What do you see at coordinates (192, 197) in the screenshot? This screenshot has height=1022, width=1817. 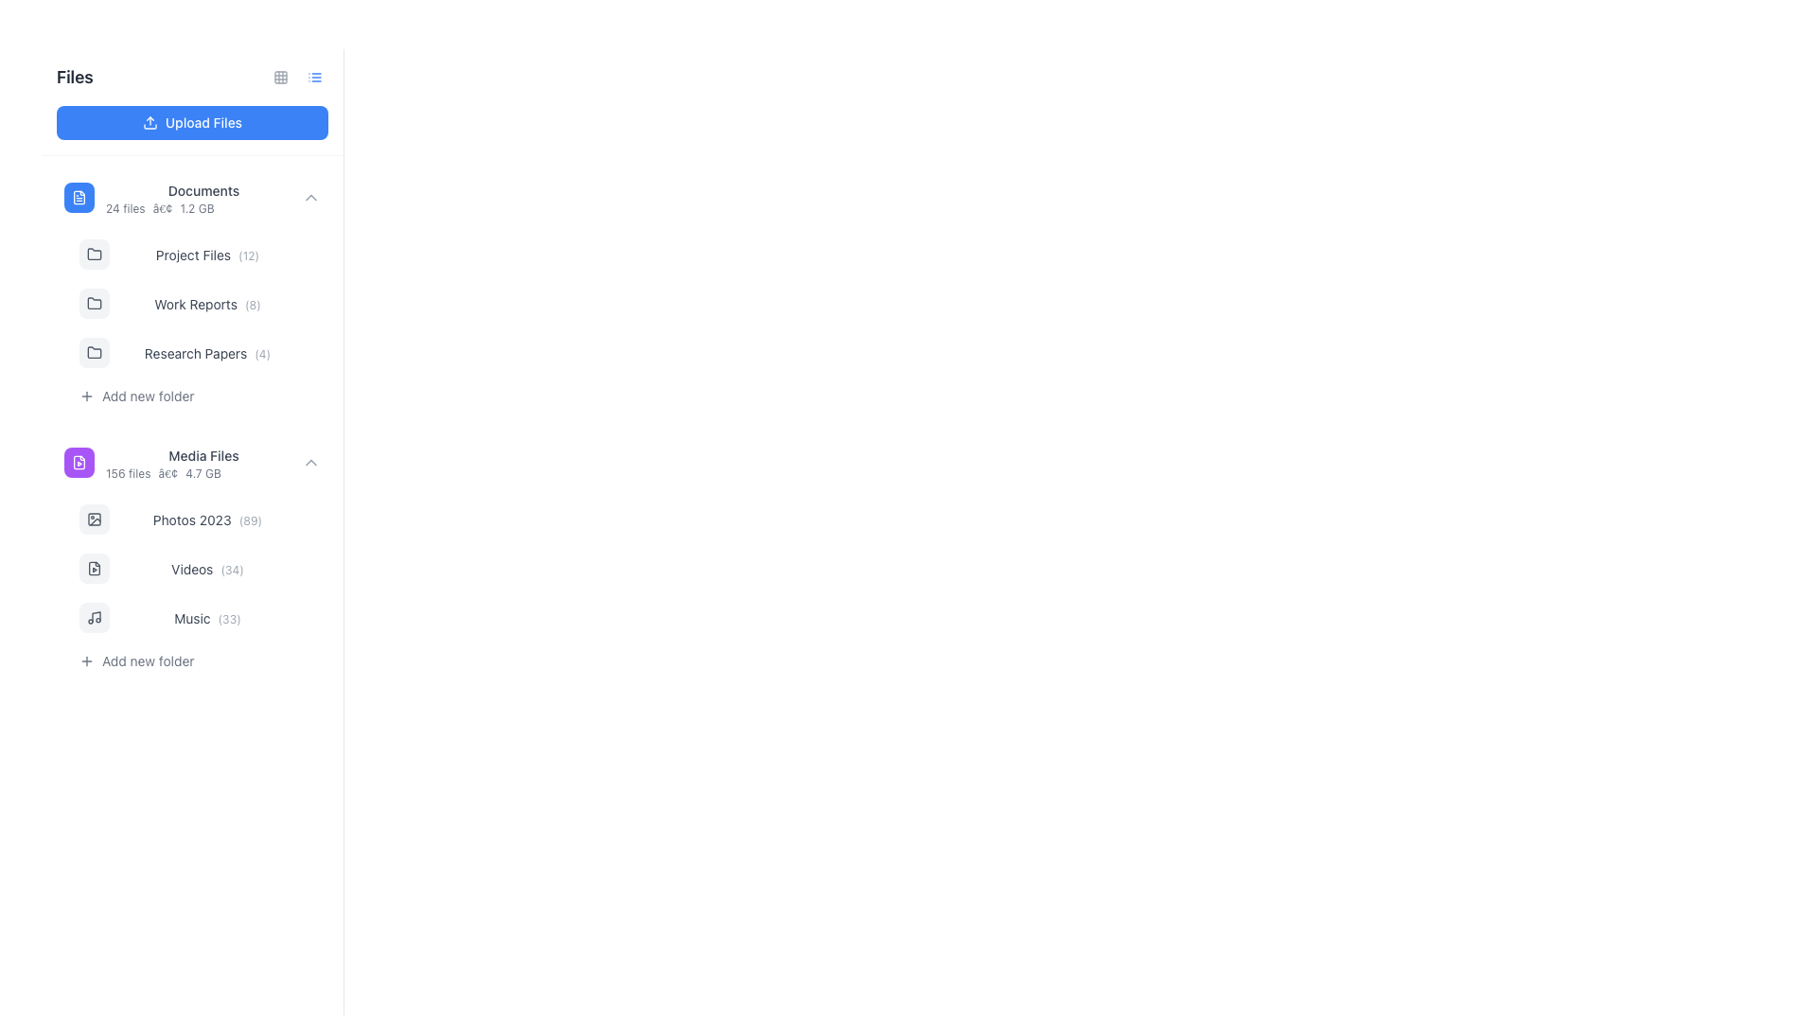 I see `the 'Documents' collapsible list item, which is the first item` at bounding box center [192, 197].